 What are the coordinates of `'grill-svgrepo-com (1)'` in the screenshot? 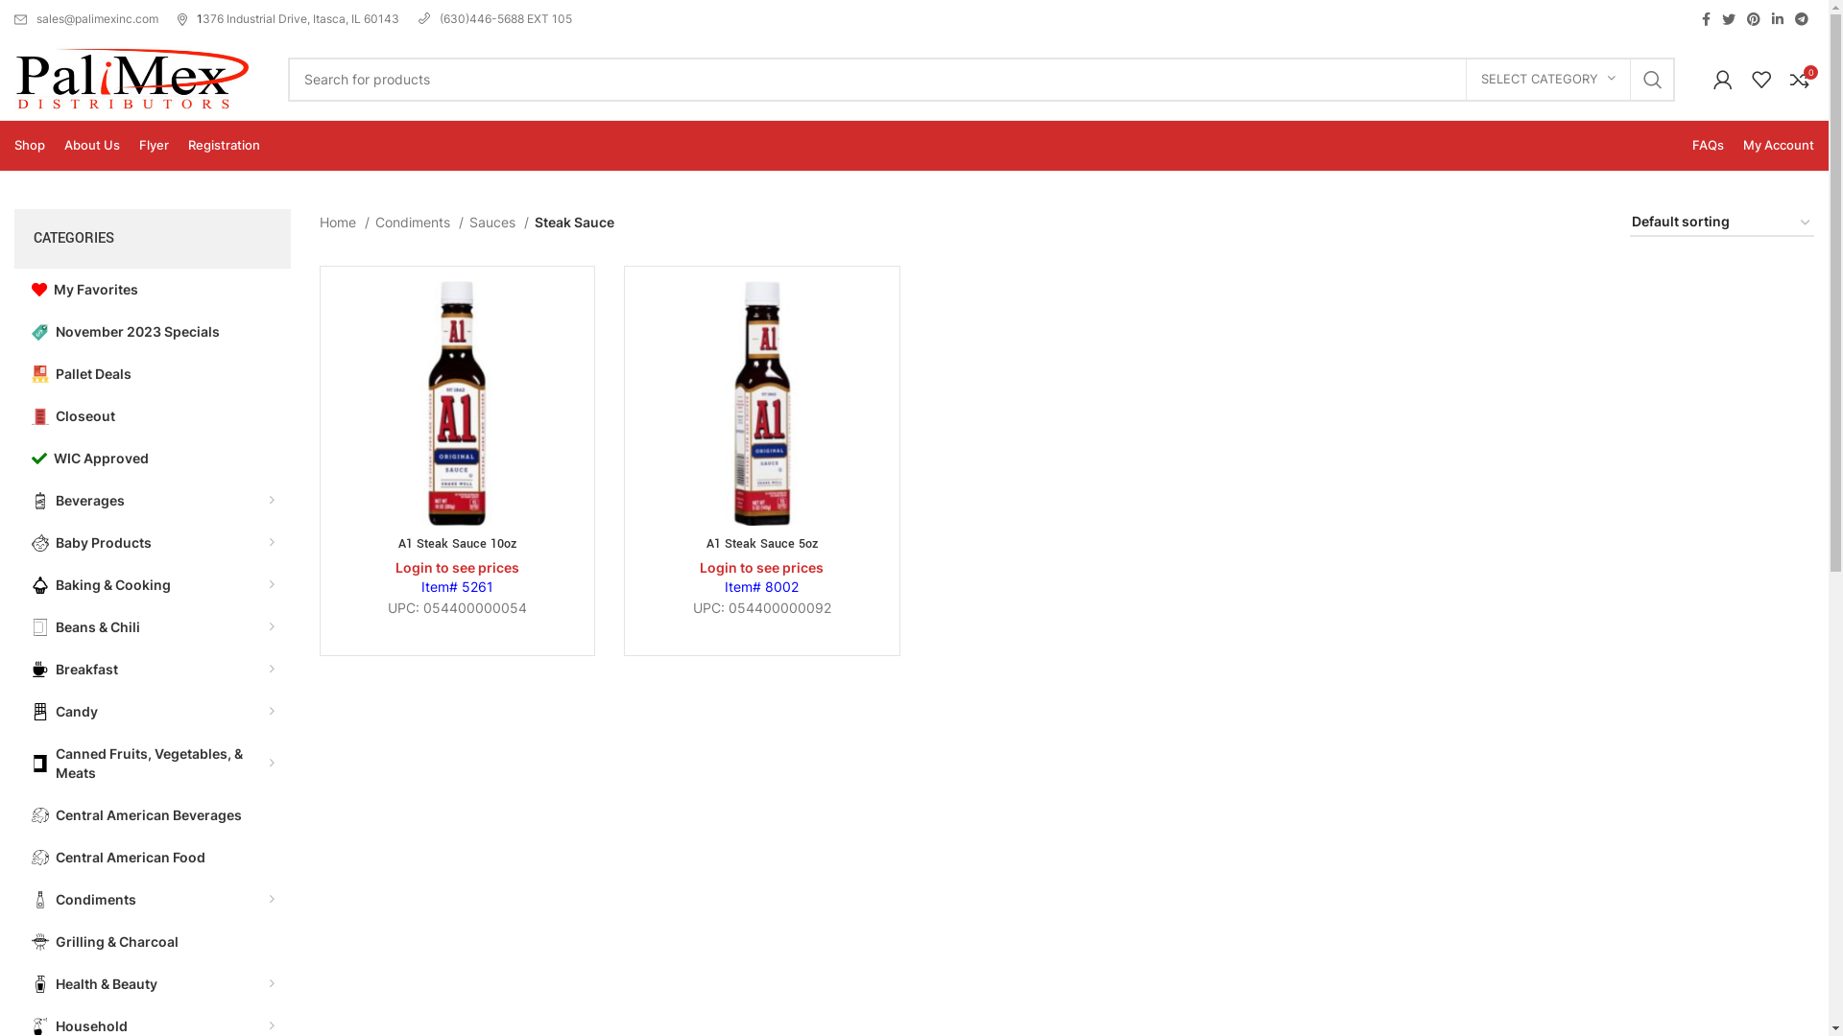 It's located at (40, 941).